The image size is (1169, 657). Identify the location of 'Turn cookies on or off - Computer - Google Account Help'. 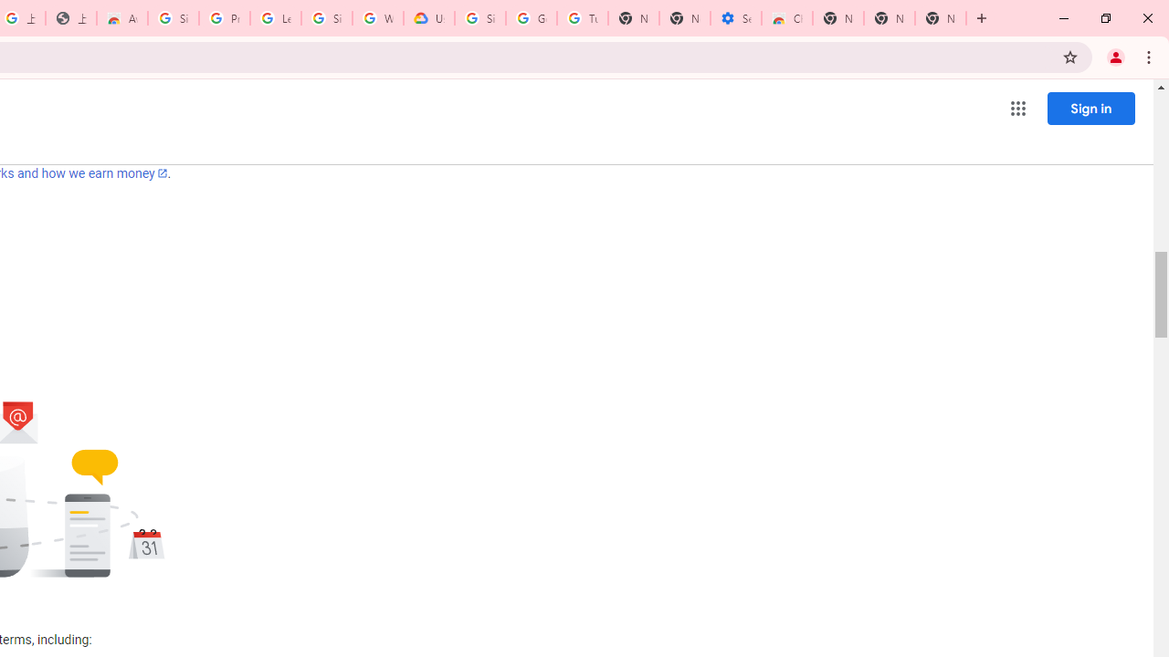
(582, 18).